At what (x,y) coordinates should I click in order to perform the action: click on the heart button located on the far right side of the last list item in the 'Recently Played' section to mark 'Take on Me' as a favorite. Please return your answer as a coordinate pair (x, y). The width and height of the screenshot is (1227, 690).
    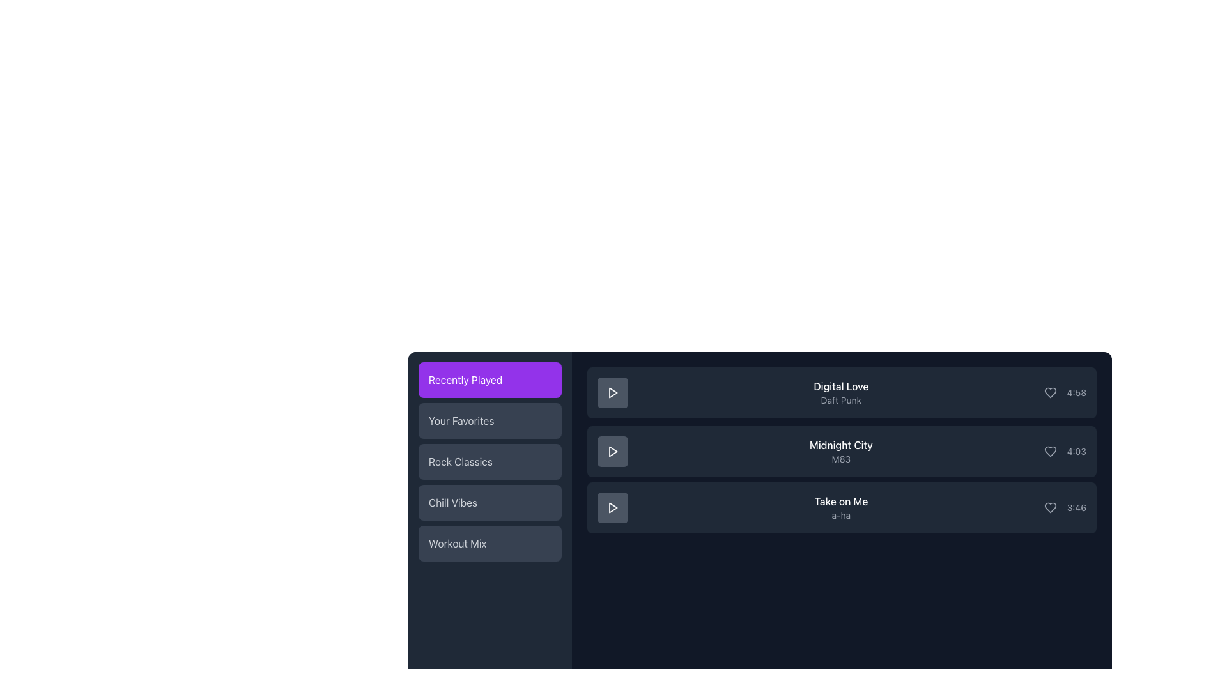
    Looking at the image, I should click on (1050, 507).